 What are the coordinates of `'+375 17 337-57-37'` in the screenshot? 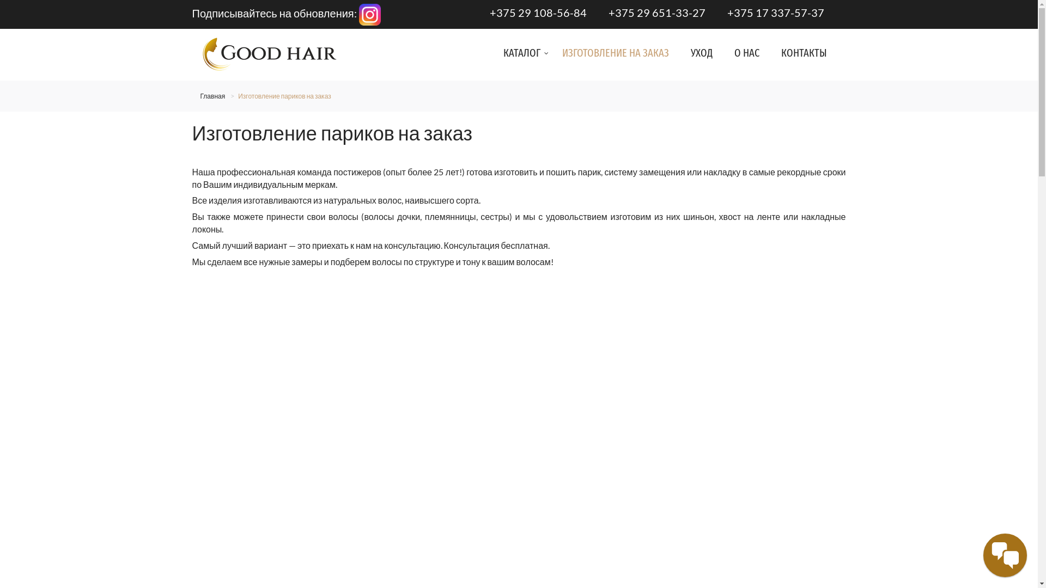 It's located at (774, 13).